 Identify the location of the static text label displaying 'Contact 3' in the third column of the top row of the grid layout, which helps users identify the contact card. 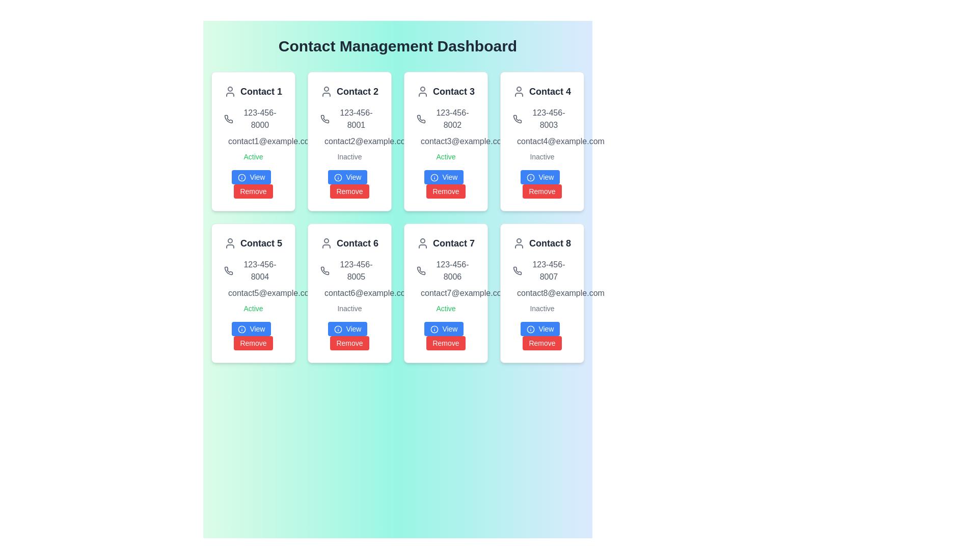
(453, 92).